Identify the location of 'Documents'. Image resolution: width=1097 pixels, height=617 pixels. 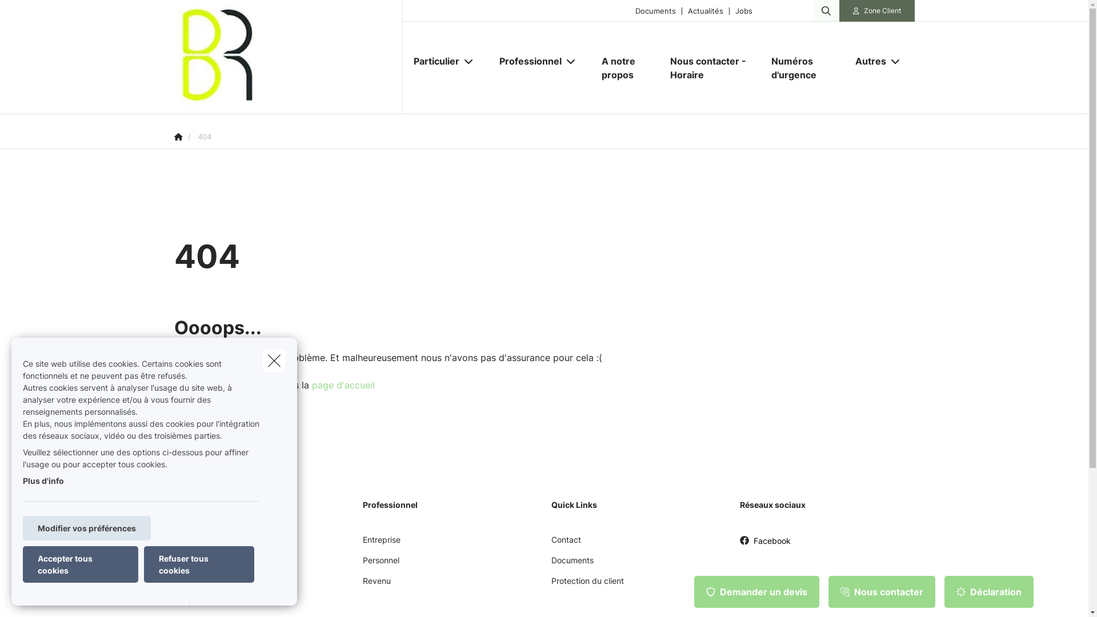
(655, 10).